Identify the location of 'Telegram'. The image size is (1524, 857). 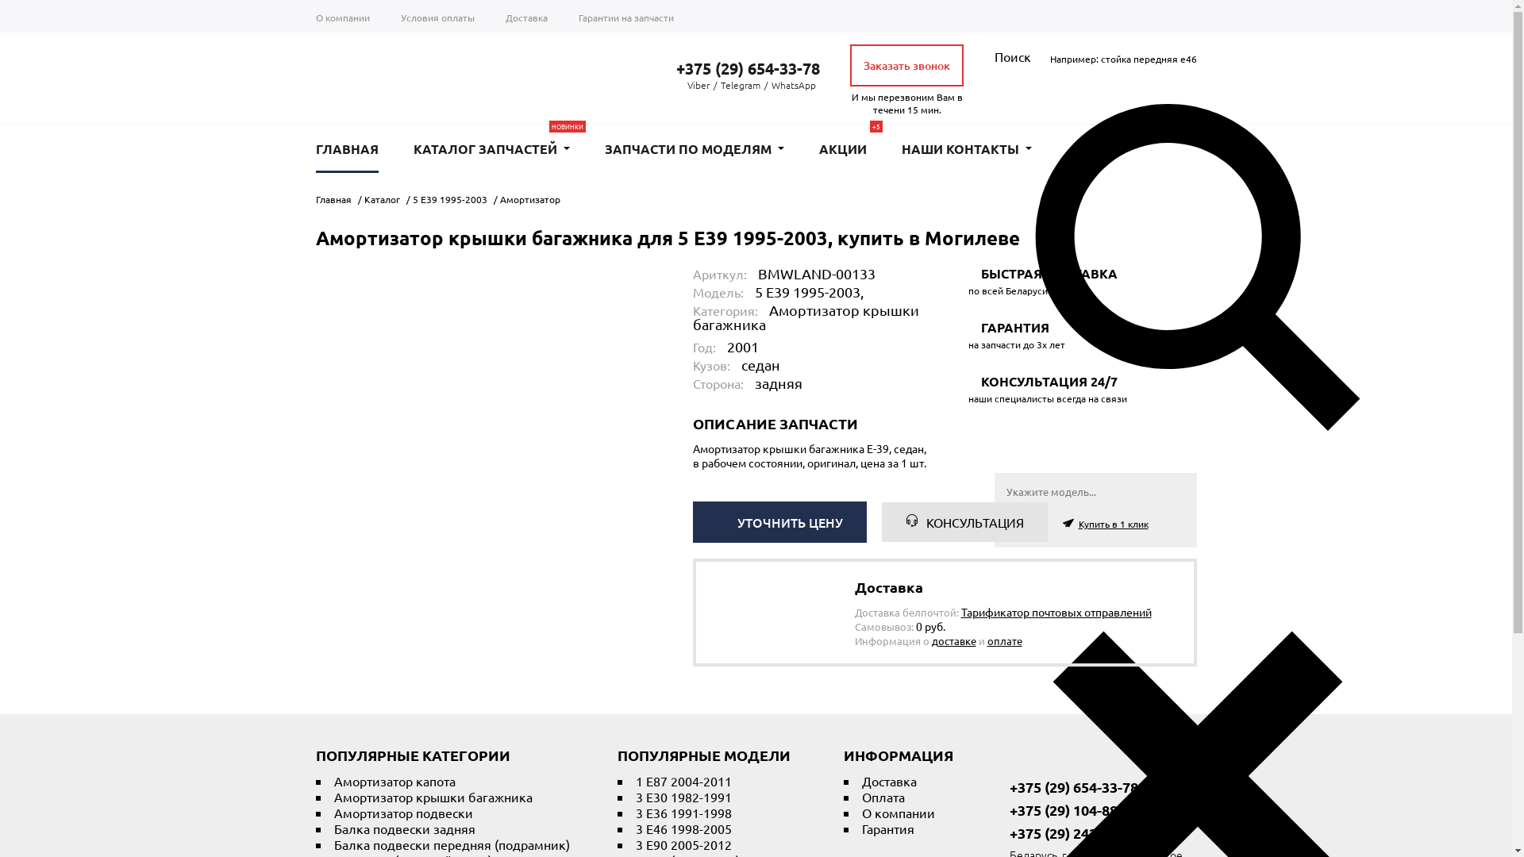
(719, 85).